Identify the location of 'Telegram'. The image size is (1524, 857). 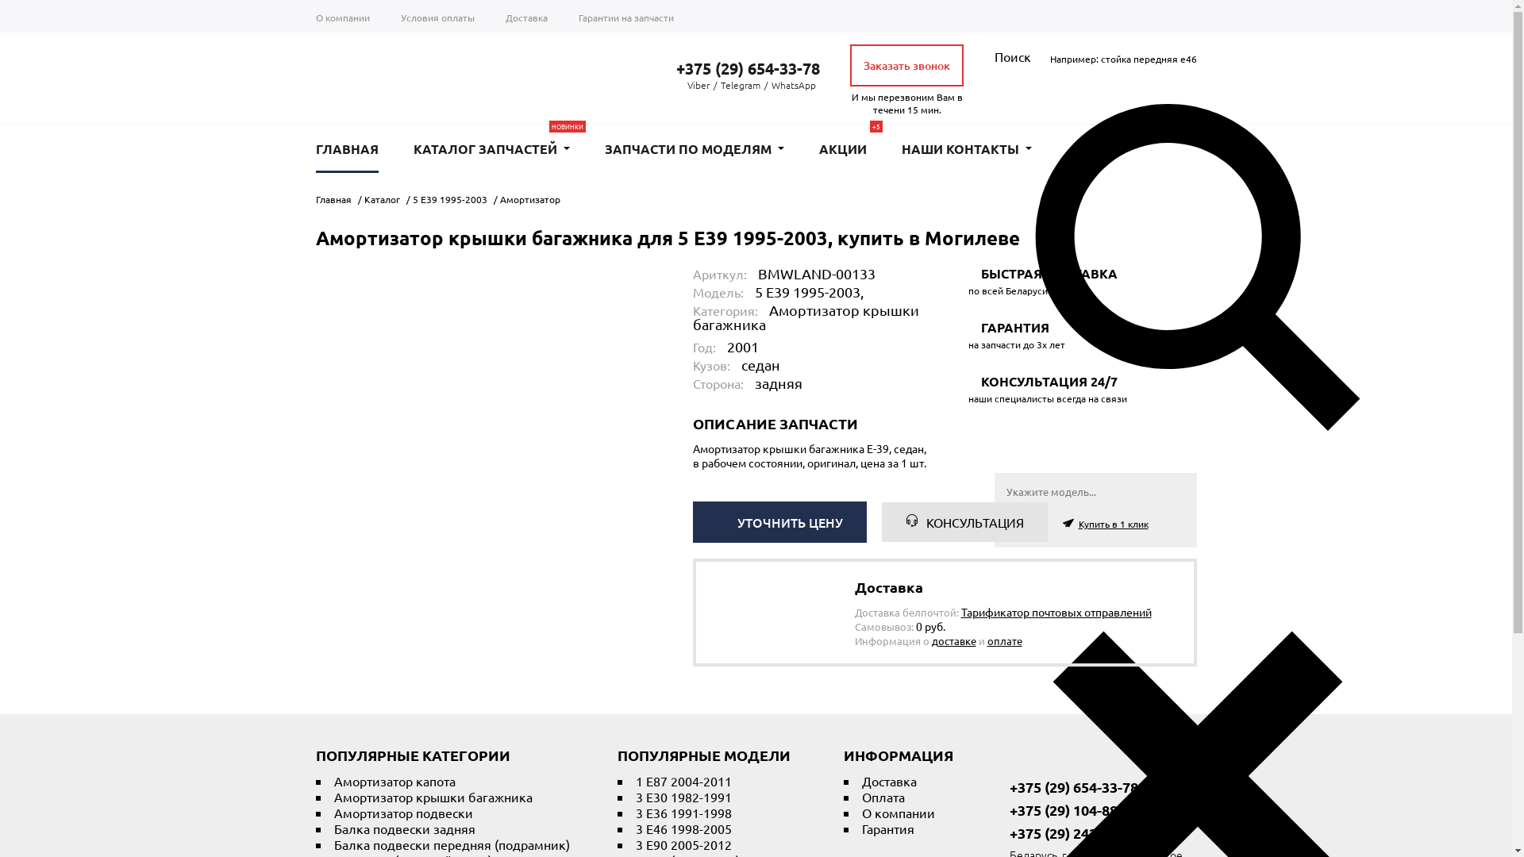
(719, 85).